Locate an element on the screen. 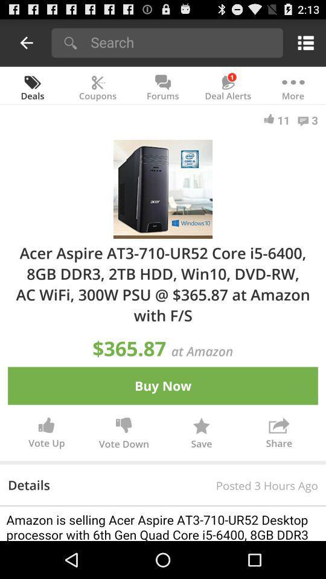 This screenshot has width=326, height=579. the button to the left of share icon is located at coordinates (201, 434).